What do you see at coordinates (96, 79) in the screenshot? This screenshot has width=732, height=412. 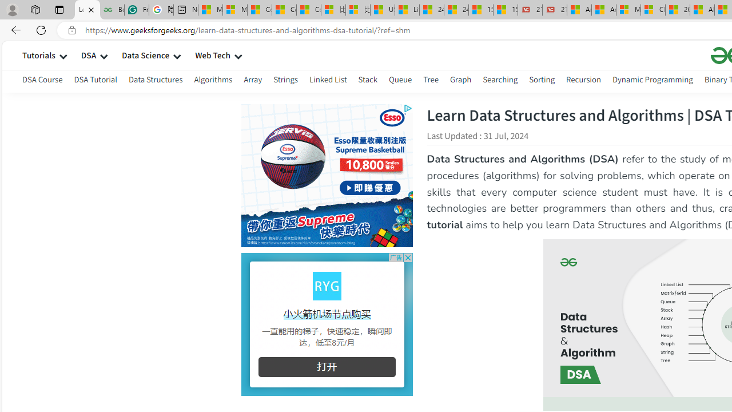 I see `'DSA Tutorial'` at bounding box center [96, 79].